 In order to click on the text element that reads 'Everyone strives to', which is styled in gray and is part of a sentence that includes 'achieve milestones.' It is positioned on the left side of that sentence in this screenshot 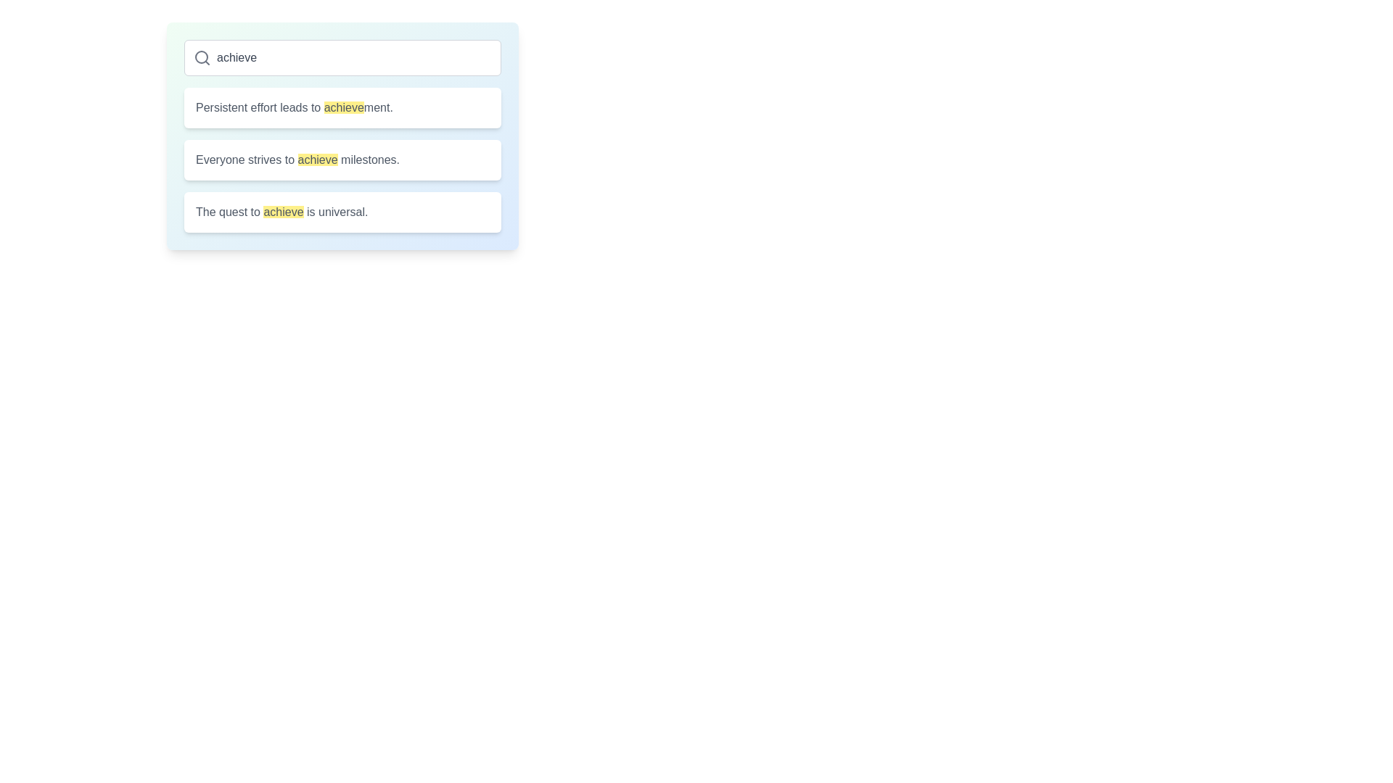, I will do `click(247, 159)`.